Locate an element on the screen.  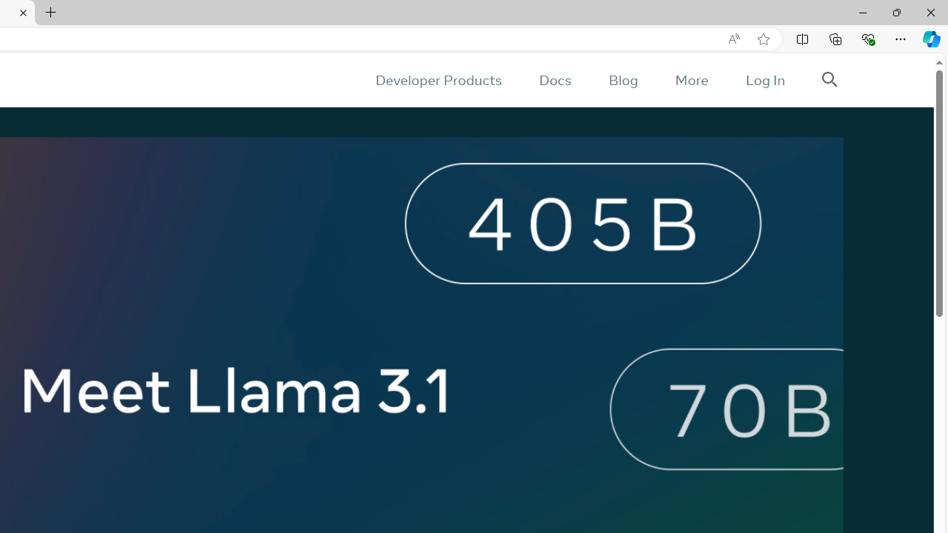
'Developer Products' is located at coordinates (438, 80).